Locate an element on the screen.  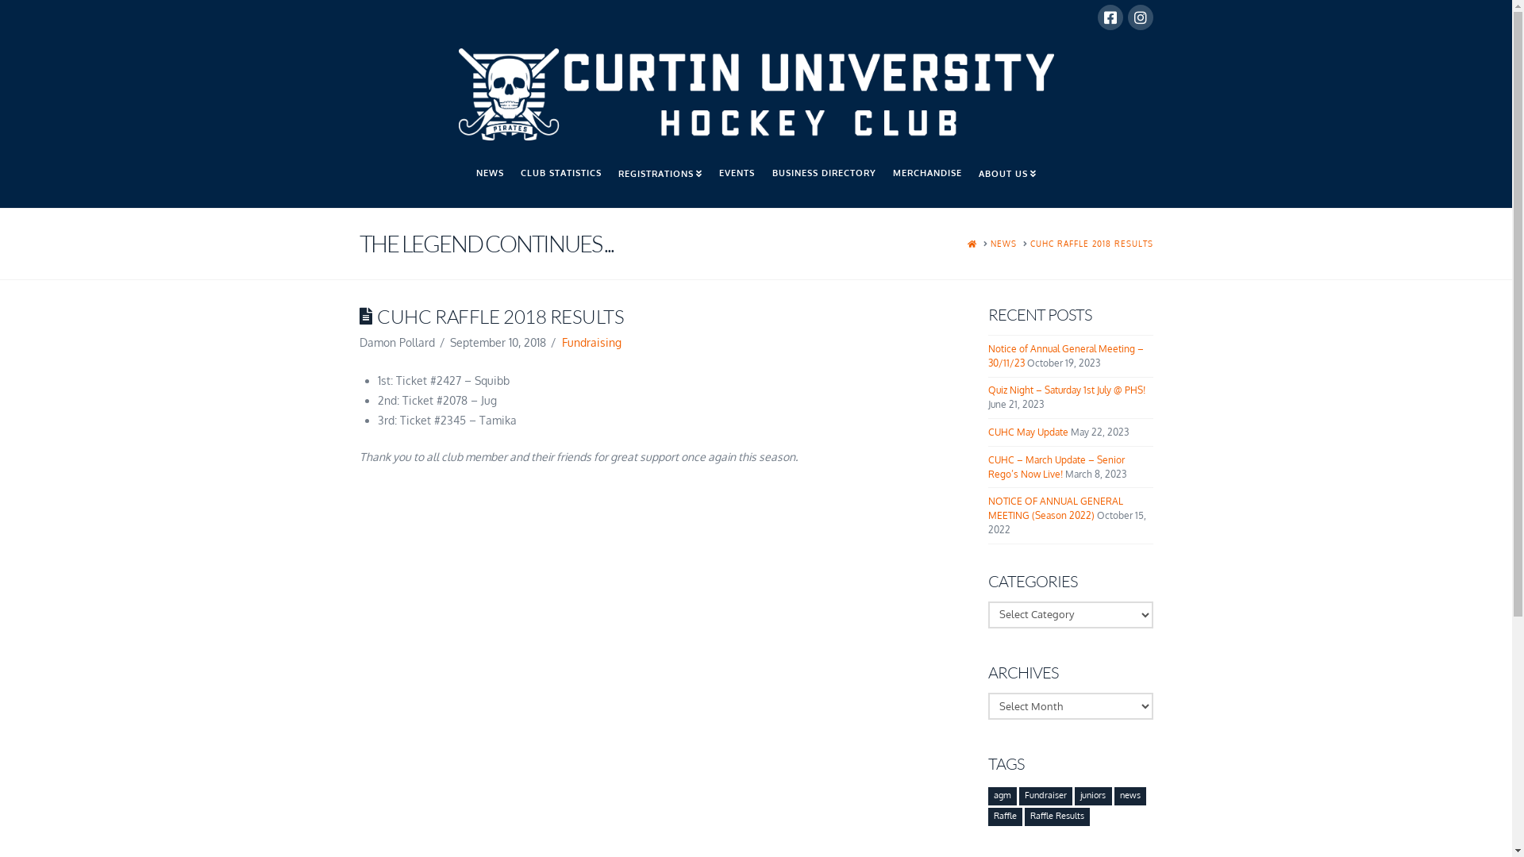
'CUHC RAFFLE 2018 RESULTS' is located at coordinates (1091, 244).